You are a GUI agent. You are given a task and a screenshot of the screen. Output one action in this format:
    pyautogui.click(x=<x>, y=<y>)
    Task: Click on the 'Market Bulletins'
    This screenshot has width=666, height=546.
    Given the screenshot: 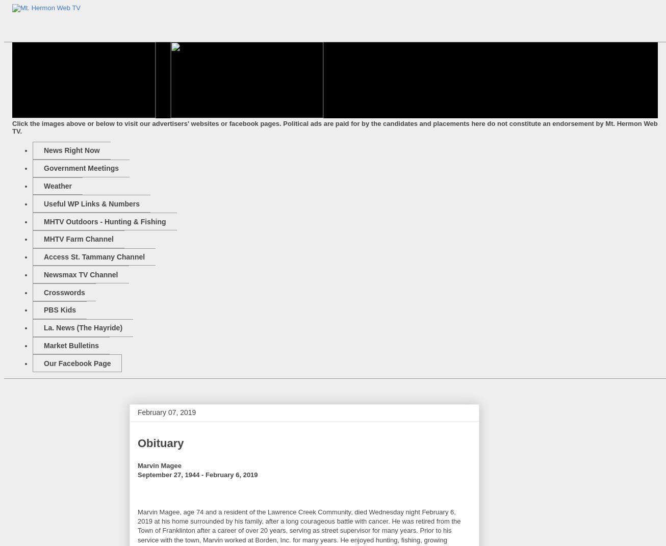 What is the action you would take?
    pyautogui.click(x=71, y=344)
    